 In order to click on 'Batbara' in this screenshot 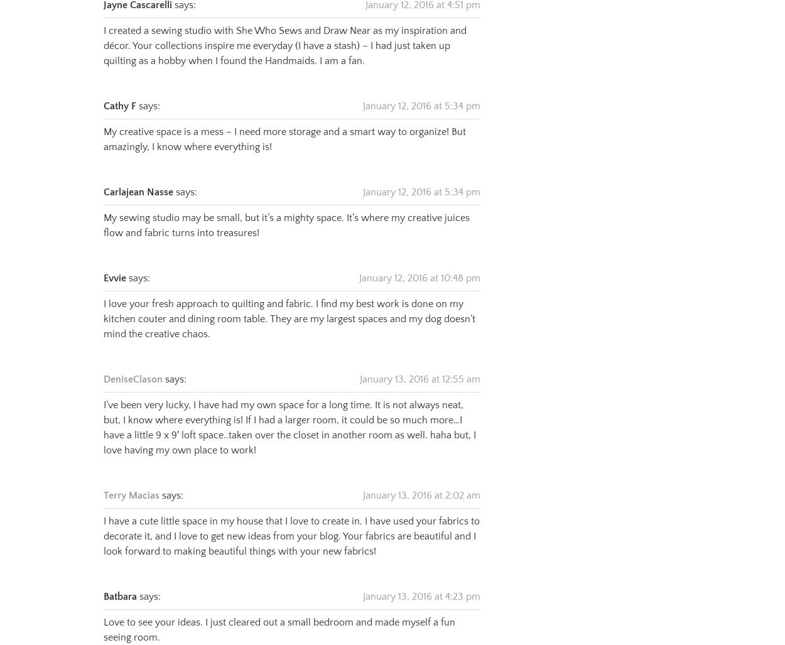, I will do `click(104, 581)`.